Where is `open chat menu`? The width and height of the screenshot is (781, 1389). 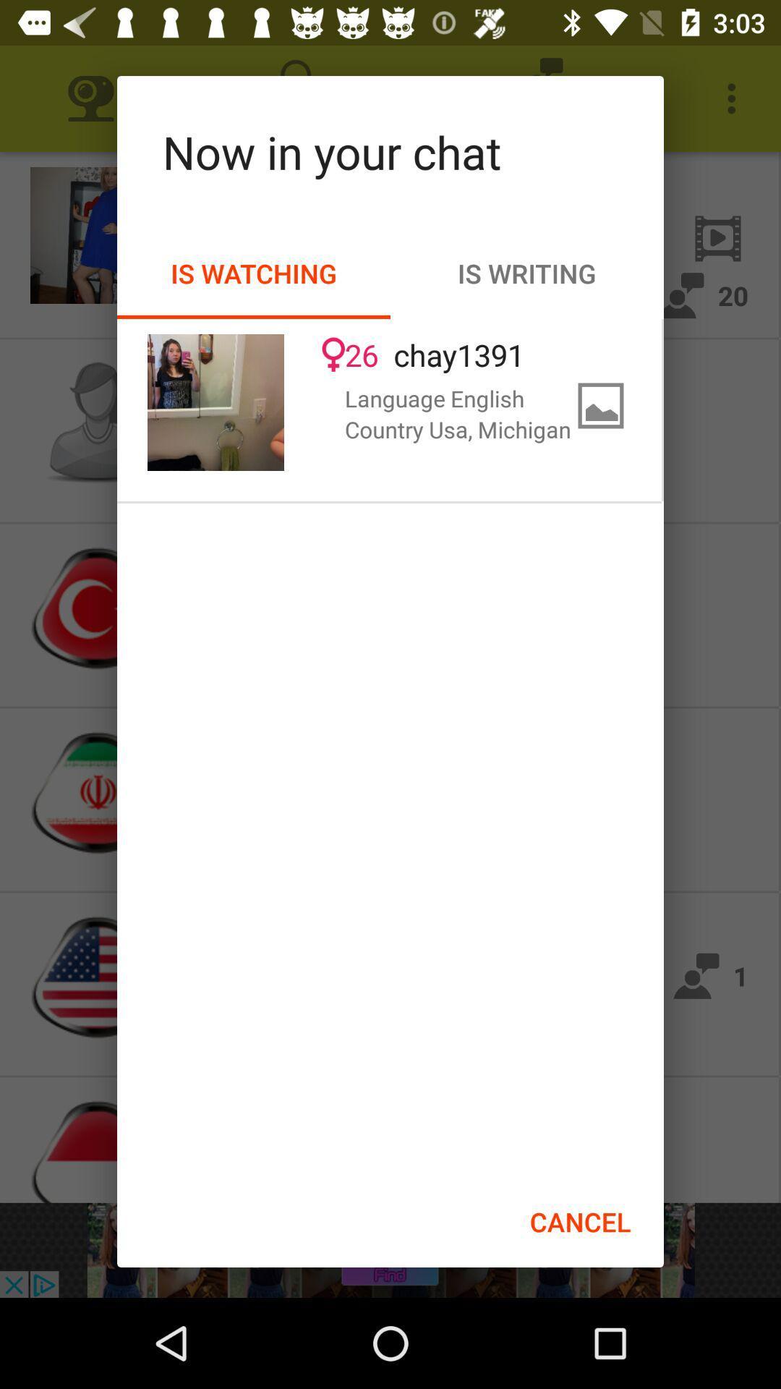 open chat menu is located at coordinates (215, 402).